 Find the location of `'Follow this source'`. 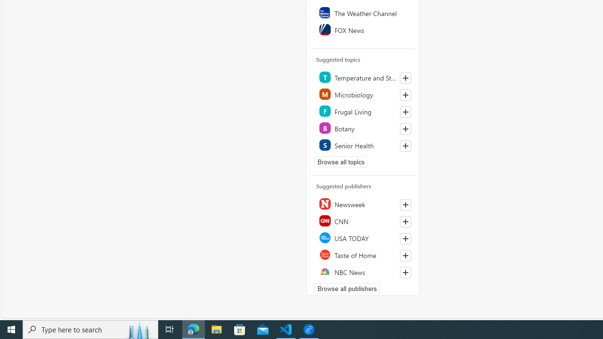

'Follow this source' is located at coordinates (405, 273).